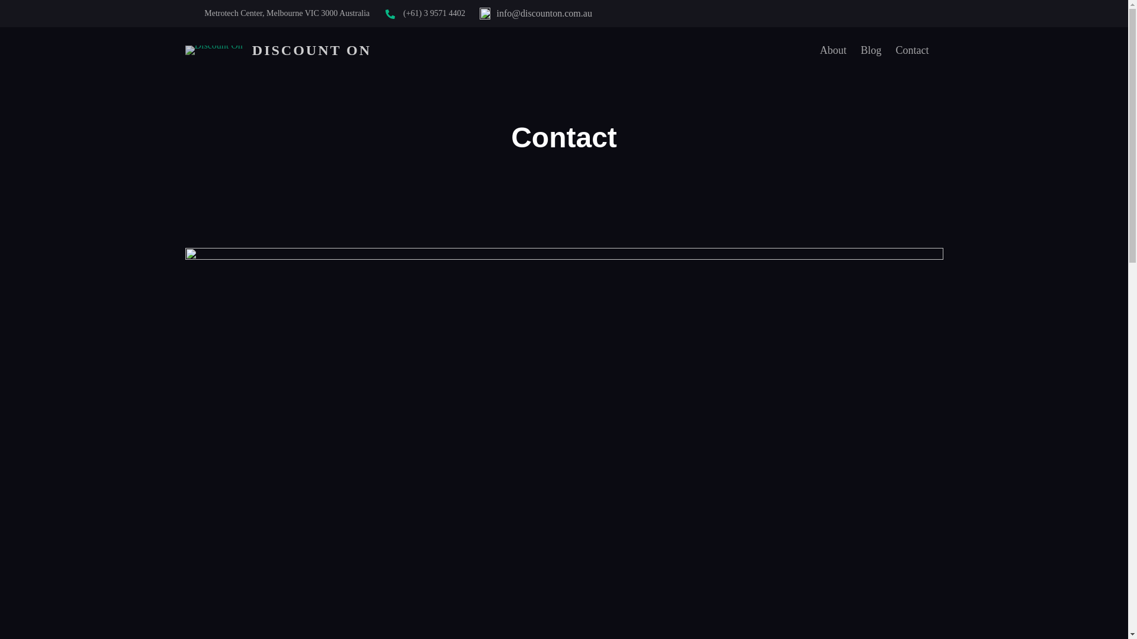  Describe the element at coordinates (252, 49) in the screenshot. I see `'DISCOUNT ON'` at that location.